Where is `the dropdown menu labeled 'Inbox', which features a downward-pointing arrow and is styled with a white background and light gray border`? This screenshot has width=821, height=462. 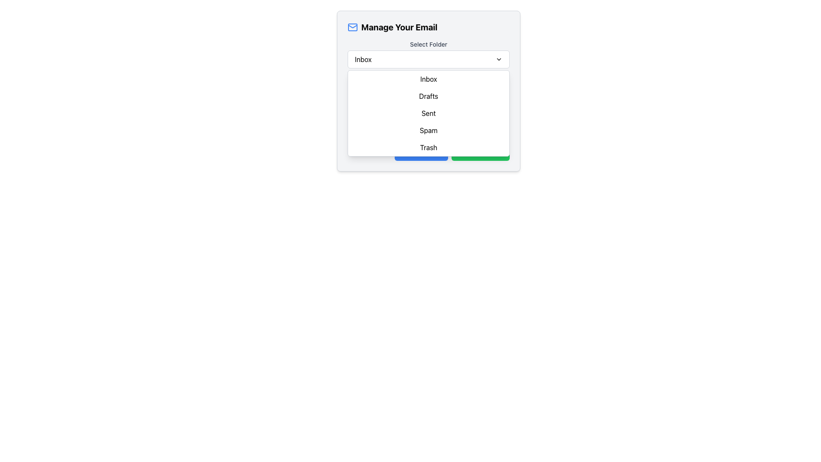
the dropdown menu labeled 'Inbox', which features a downward-pointing arrow and is styled with a white background and light gray border is located at coordinates (428, 59).